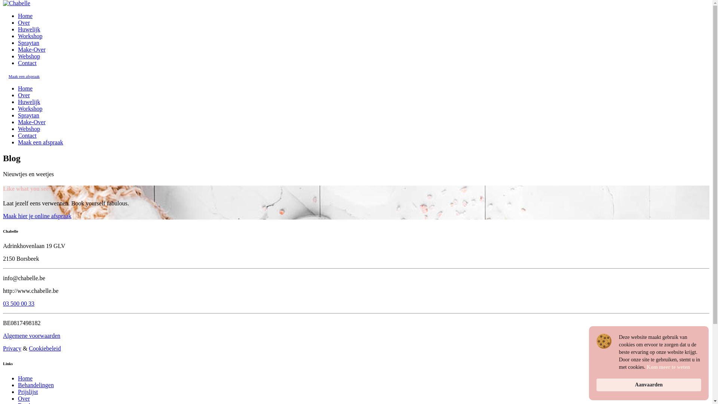 This screenshot has height=404, width=718. I want to click on 'Make-Over', so click(18, 49).